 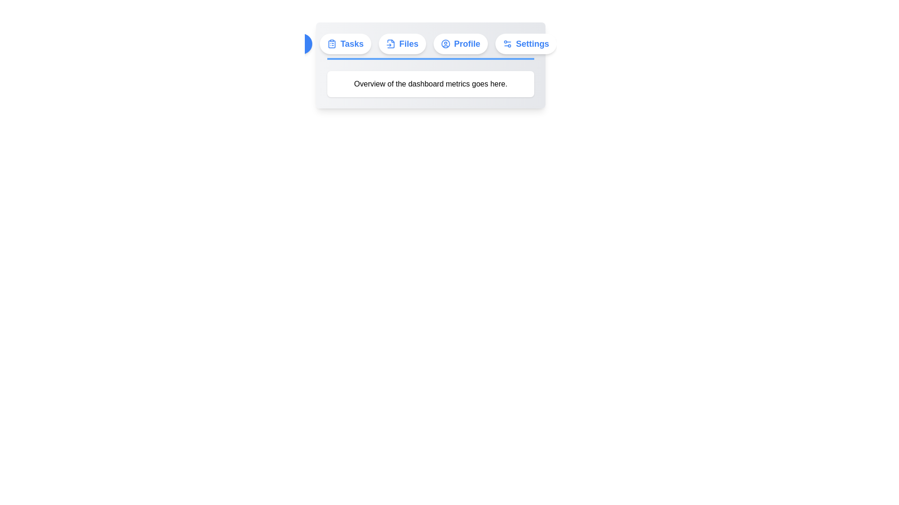 What do you see at coordinates (445, 43) in the screenshot?
I see `the 'Profile' button by clicking on the SVG Circle that represents it in the top navigation bar` at bounding box center [445, 43].